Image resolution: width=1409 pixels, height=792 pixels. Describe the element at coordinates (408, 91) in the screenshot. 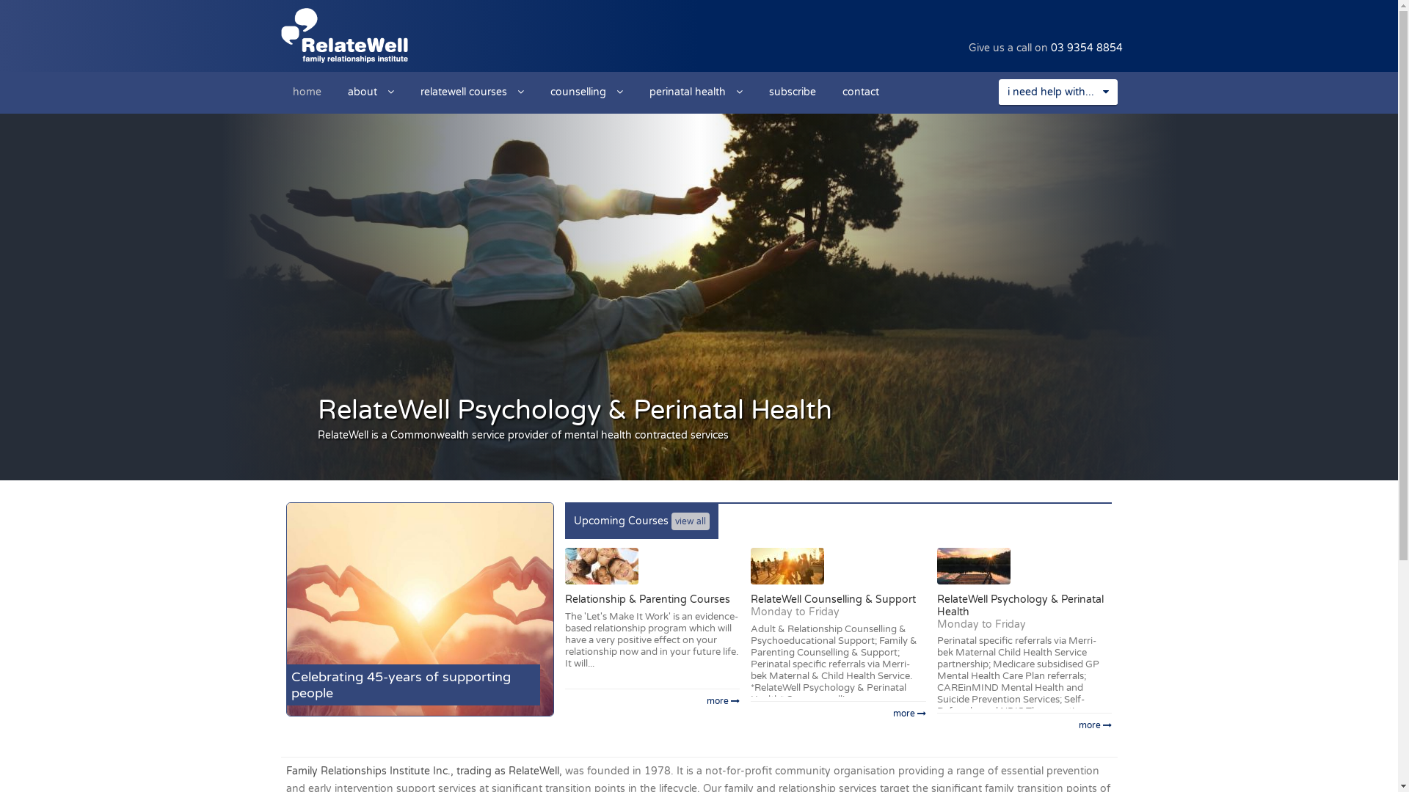

I see `'relatewell courses'` at that location.